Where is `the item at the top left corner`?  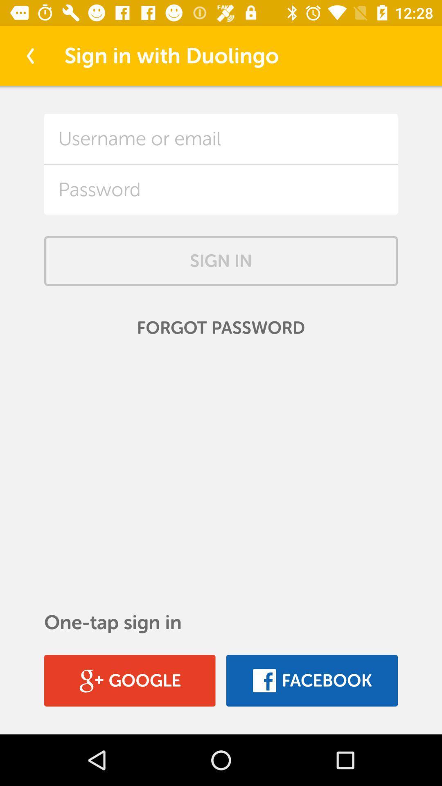
the item at the top left corner is located at coordinates (29, 55).